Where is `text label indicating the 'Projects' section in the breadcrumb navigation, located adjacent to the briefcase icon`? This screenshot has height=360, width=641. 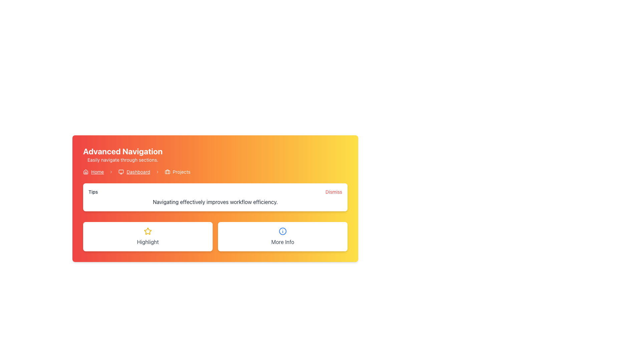
text label indicating the 'Projects' section in the breadcrumb navigation, located adjacent to the briefcase icon is located at coordinates (182, 172).